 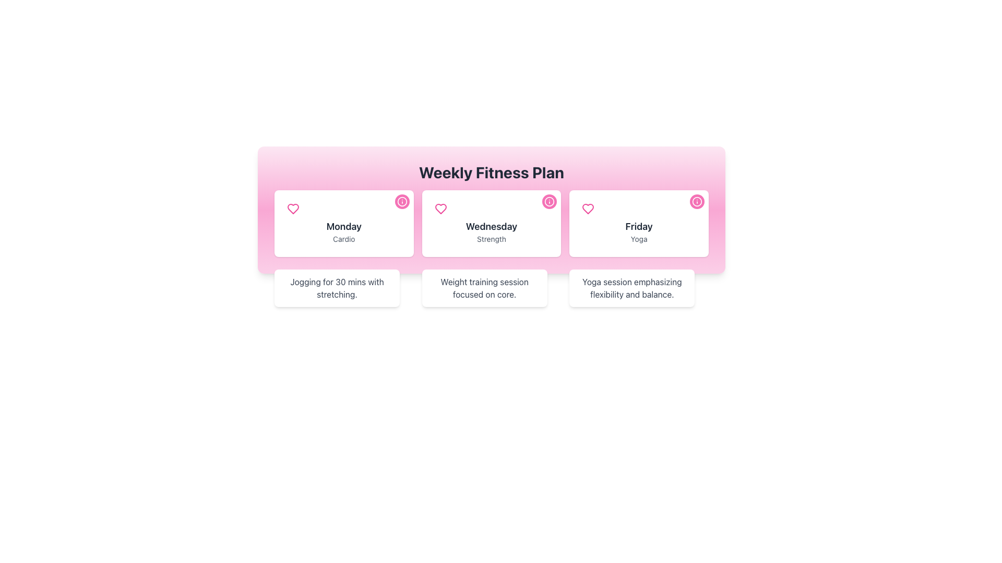 I want to click on the information button located at the top-right corner of the 'Wednesday' card, so click(x=549, y=201).